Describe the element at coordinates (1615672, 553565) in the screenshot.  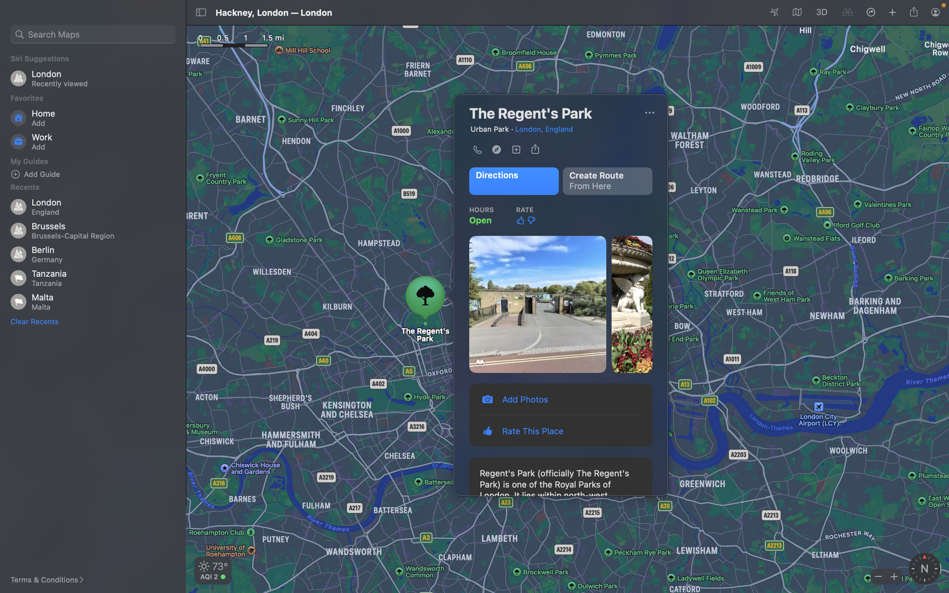
I see `Navigate and read the details of Hyde Park` at that location.